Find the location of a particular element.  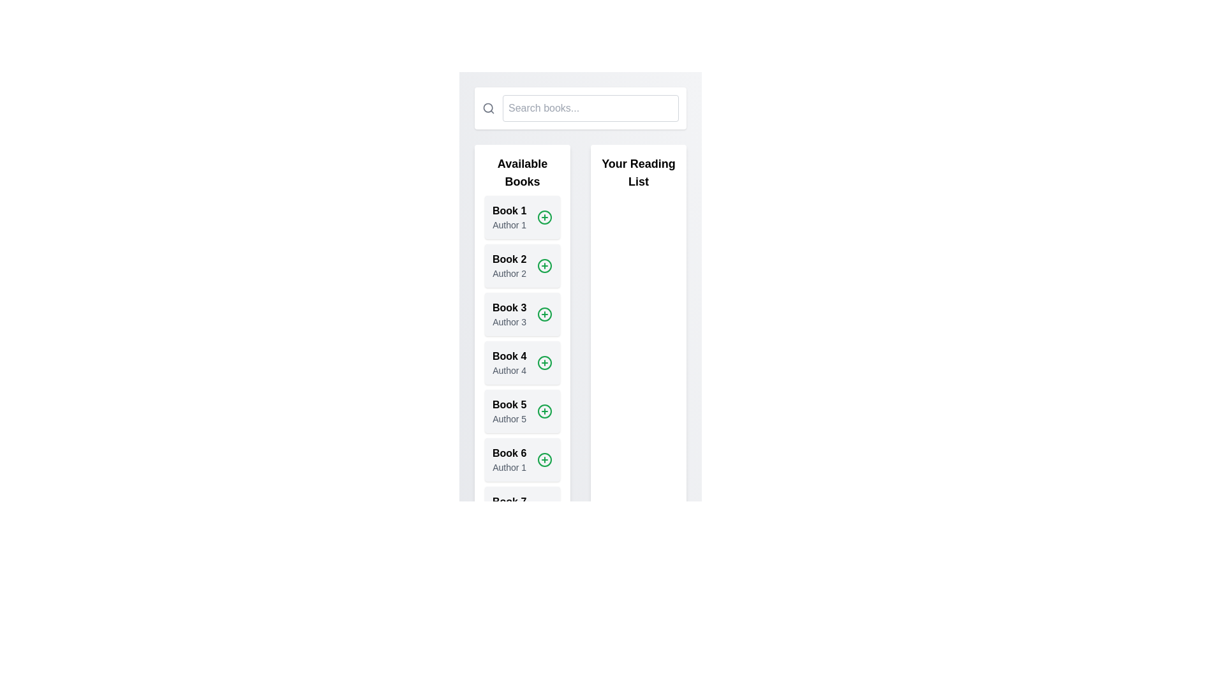

the circular green icon with a plus symbol is located at coordinates (545, 315).